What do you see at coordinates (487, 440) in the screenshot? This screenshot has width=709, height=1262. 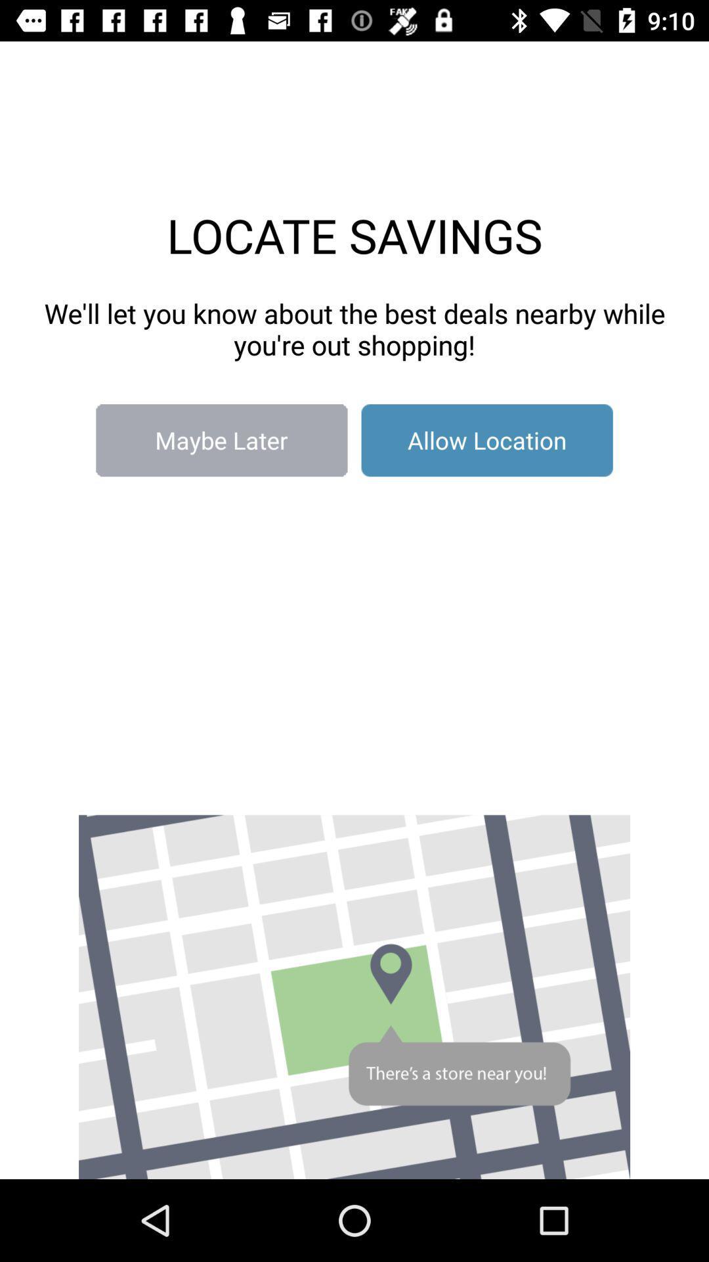 I see `the app next to the maybe later` at bounding box center [487, 440].